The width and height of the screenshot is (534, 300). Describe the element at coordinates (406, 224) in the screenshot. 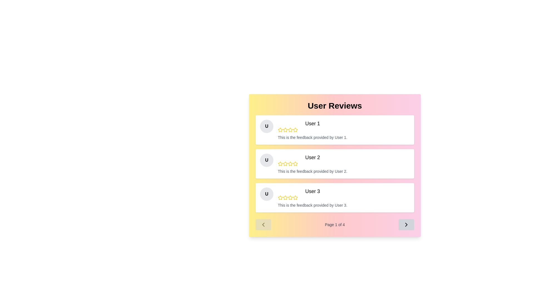

I see `the rightward arrow icon button located at the bottom-right corner of the user review interface` at that location.